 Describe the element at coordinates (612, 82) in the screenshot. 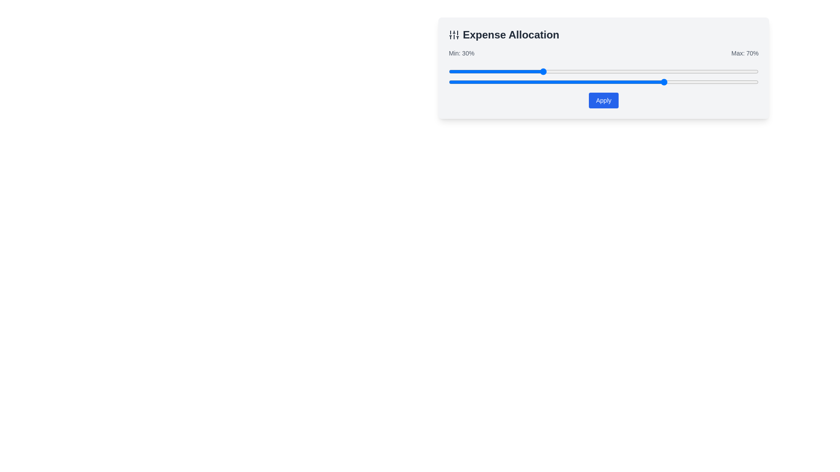

I see `the slider's value` at that location.